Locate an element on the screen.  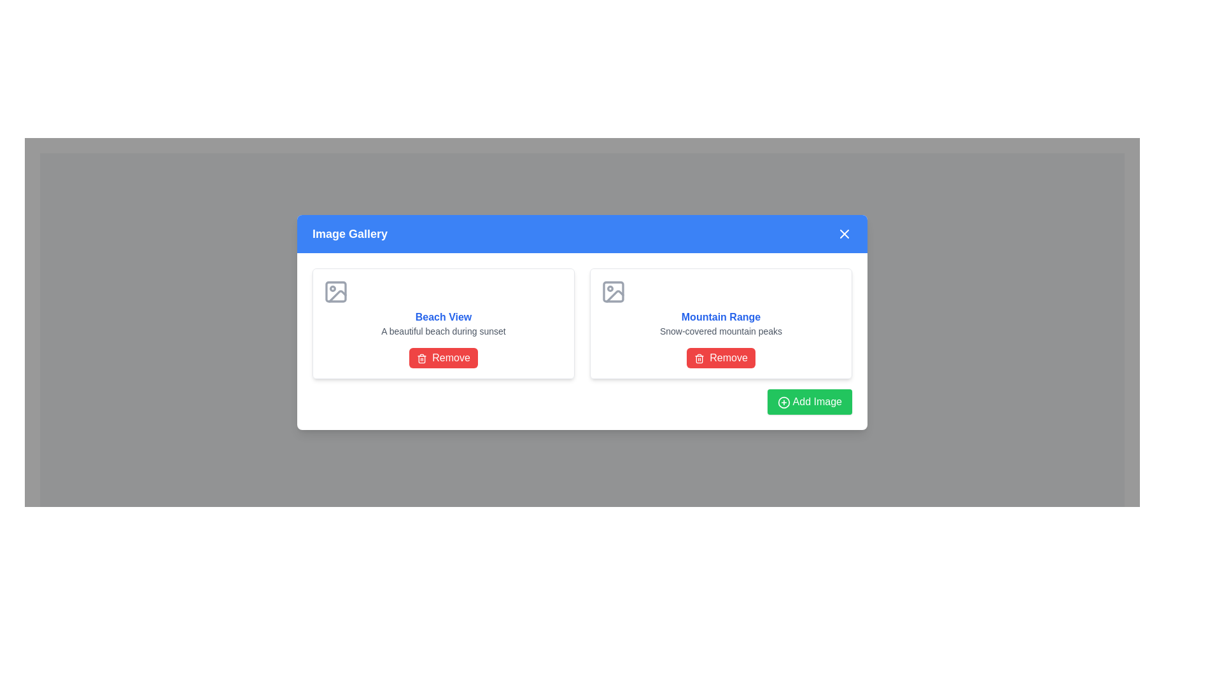
the circular icon with a plus sign inside, located to the left of the 'Add Image' text within the green button at the bottom right of the modal is located at coordinates (783, 402).